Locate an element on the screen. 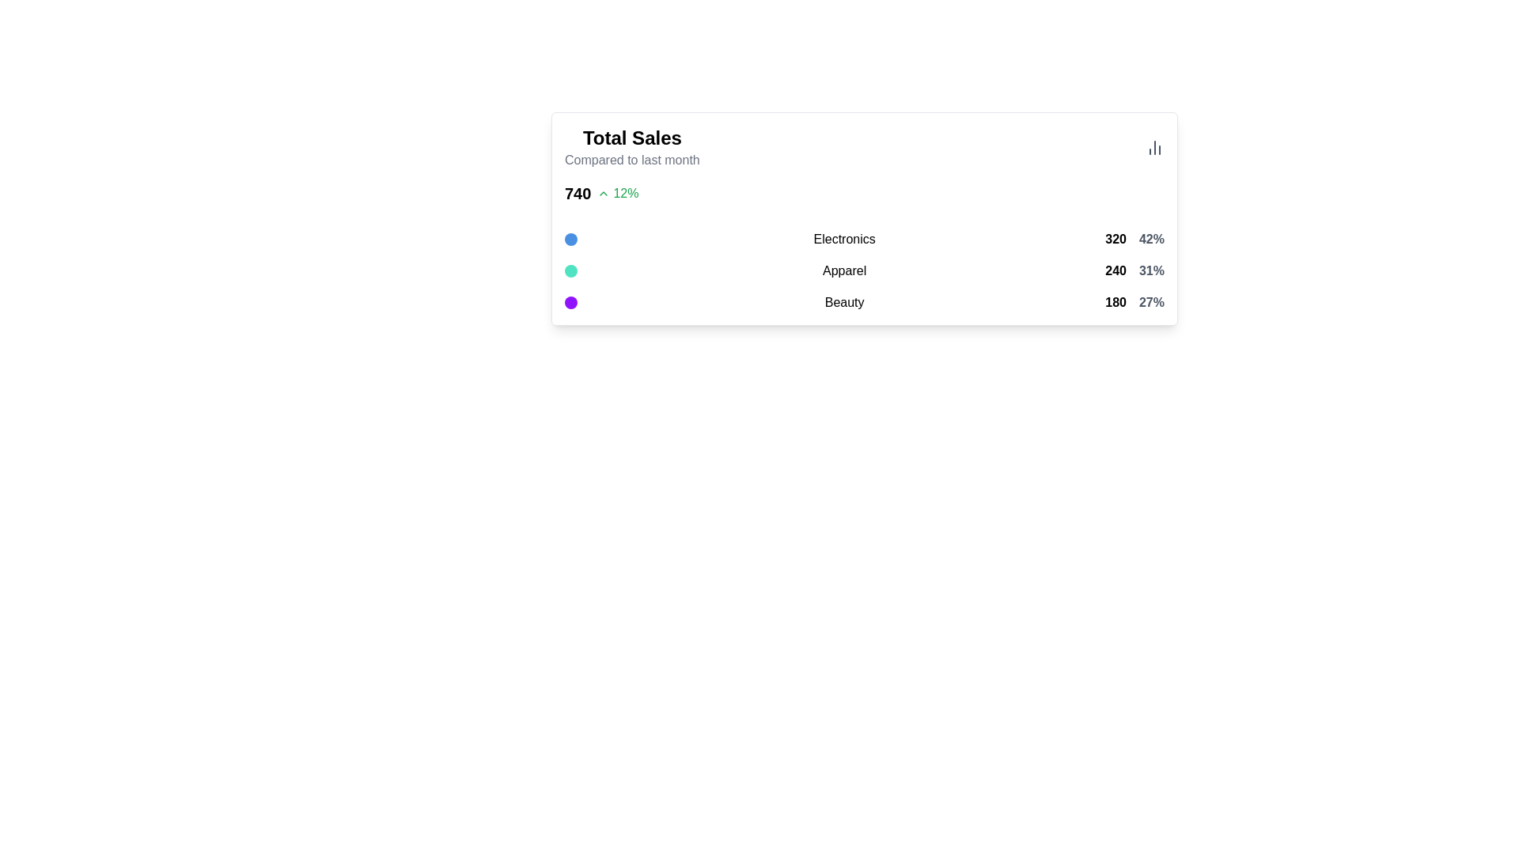 The image size is (1519, 854). the third color indicator icon in the vertical list for the 'Beauty' category, positioned to the left of the 'Beauty' text is located at coordinates (570, 302).